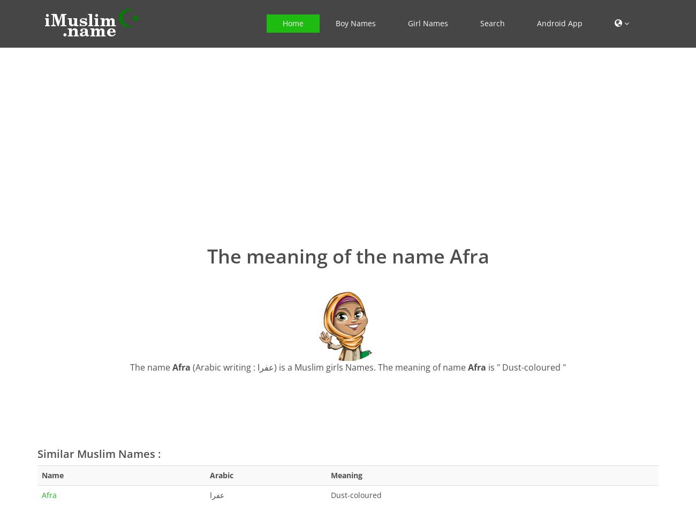 Image resolution: width=696 pixels, height=505 pixels. Describe the element at coordinates (331, 494) in the screenshot. I see `'Dust-coloured'` at that location.